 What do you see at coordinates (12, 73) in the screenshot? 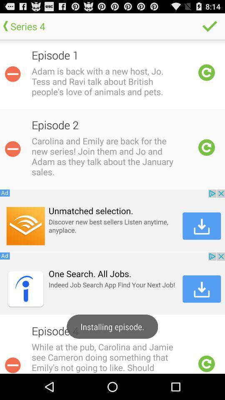
I see `hide description` at bounding box center [12, 73].